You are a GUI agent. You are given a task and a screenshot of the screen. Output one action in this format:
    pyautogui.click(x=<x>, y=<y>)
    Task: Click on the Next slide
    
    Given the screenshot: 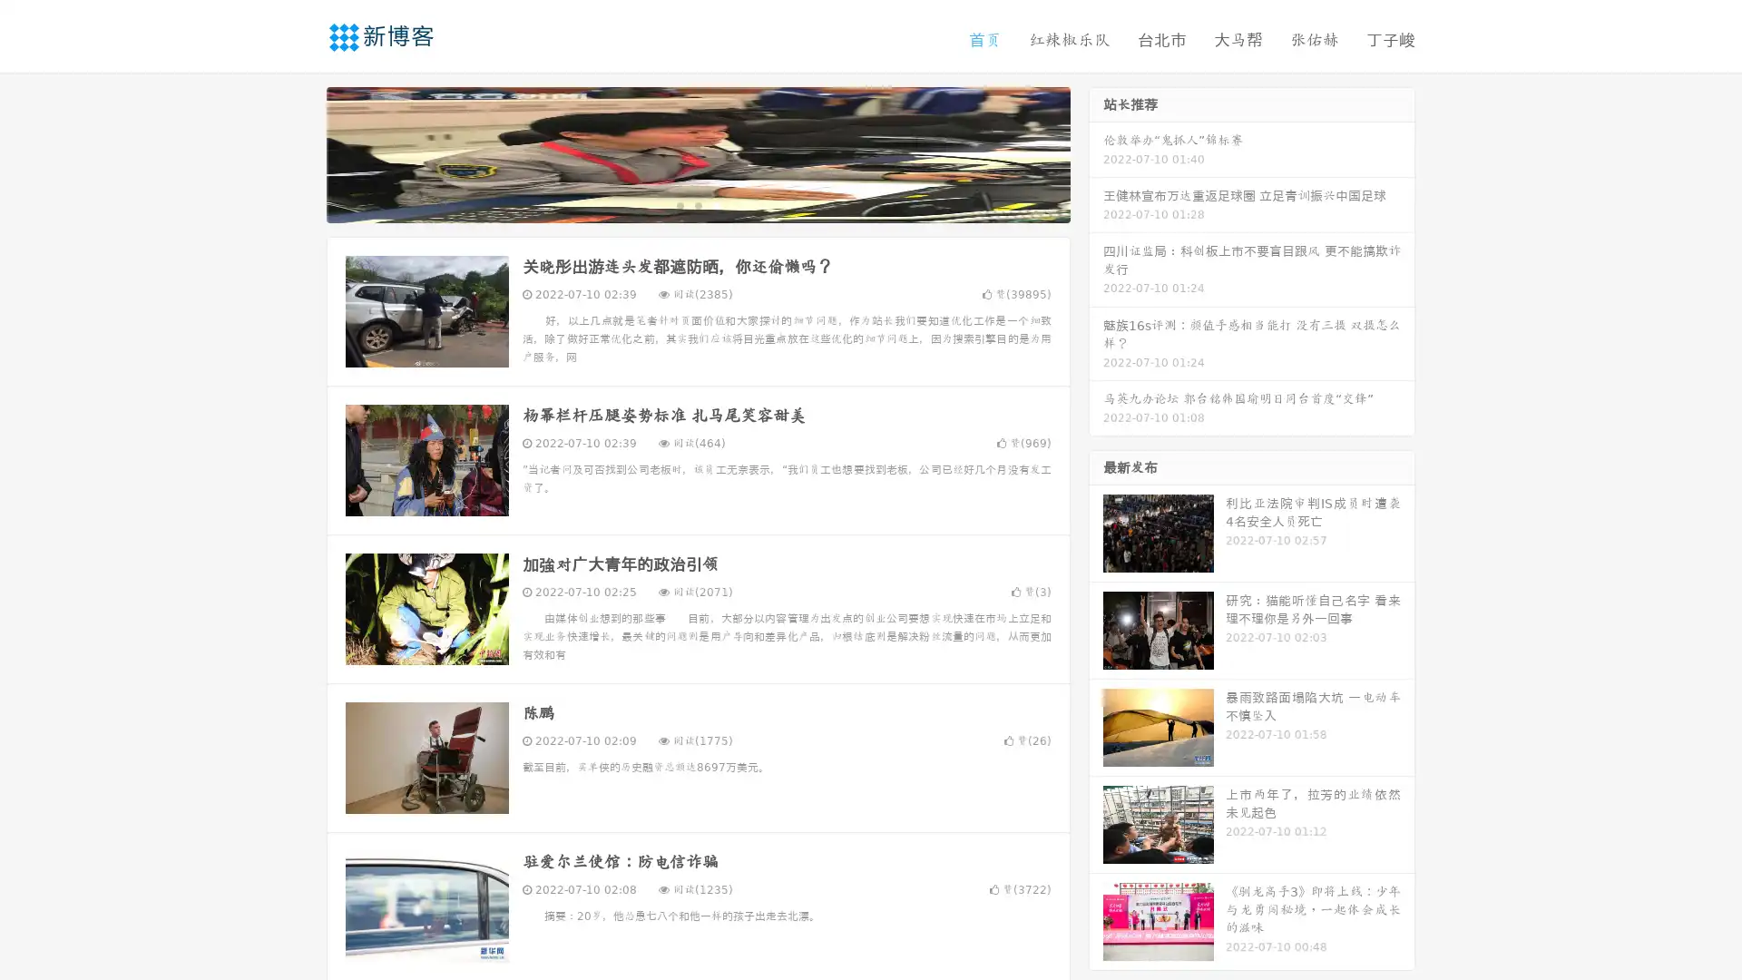 What is the action you would take?
    pyautogui.click(x=1096, y=152)
    